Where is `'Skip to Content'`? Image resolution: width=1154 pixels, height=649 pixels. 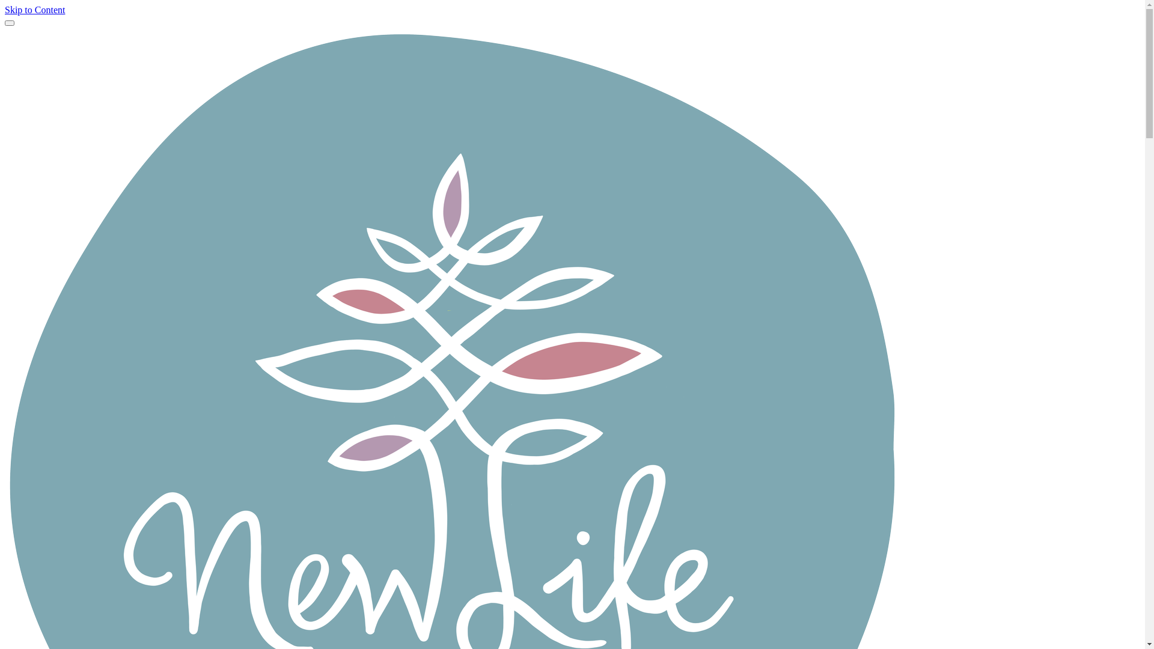 'Skip to Content' is located at coordinates (5, 10).